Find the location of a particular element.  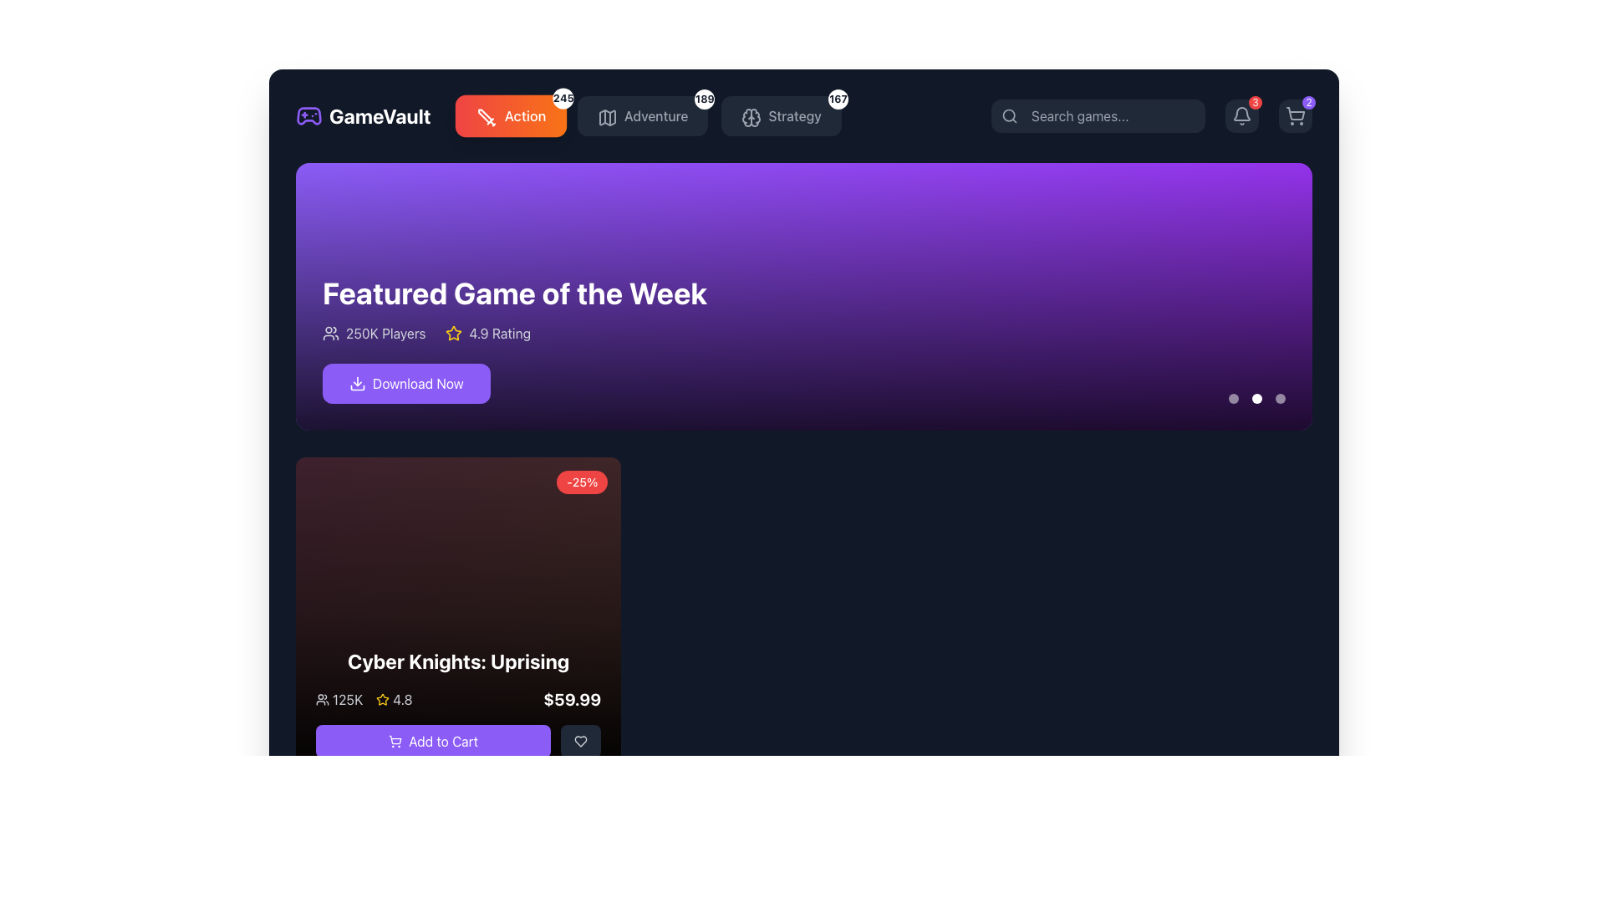

the small circular icon styled as an outline drawing of a human brain, located in the 'Strategy167' segment in the navigation bar, to gather information is located at coordinates (749, 115).